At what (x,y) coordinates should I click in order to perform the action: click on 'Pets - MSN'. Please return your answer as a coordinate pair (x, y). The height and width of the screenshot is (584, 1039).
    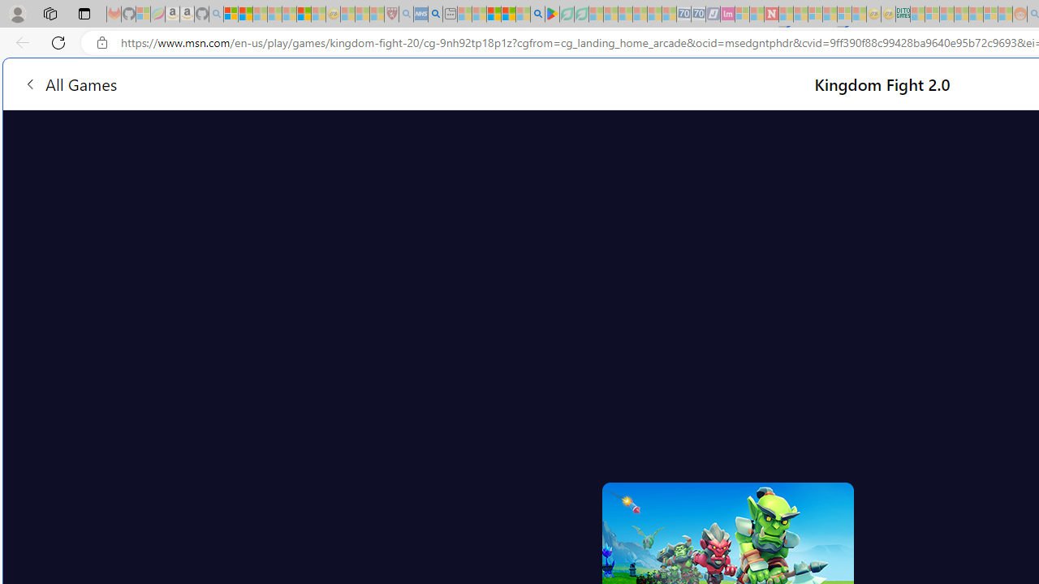
    Looking at the image, I should click on (507, 14).